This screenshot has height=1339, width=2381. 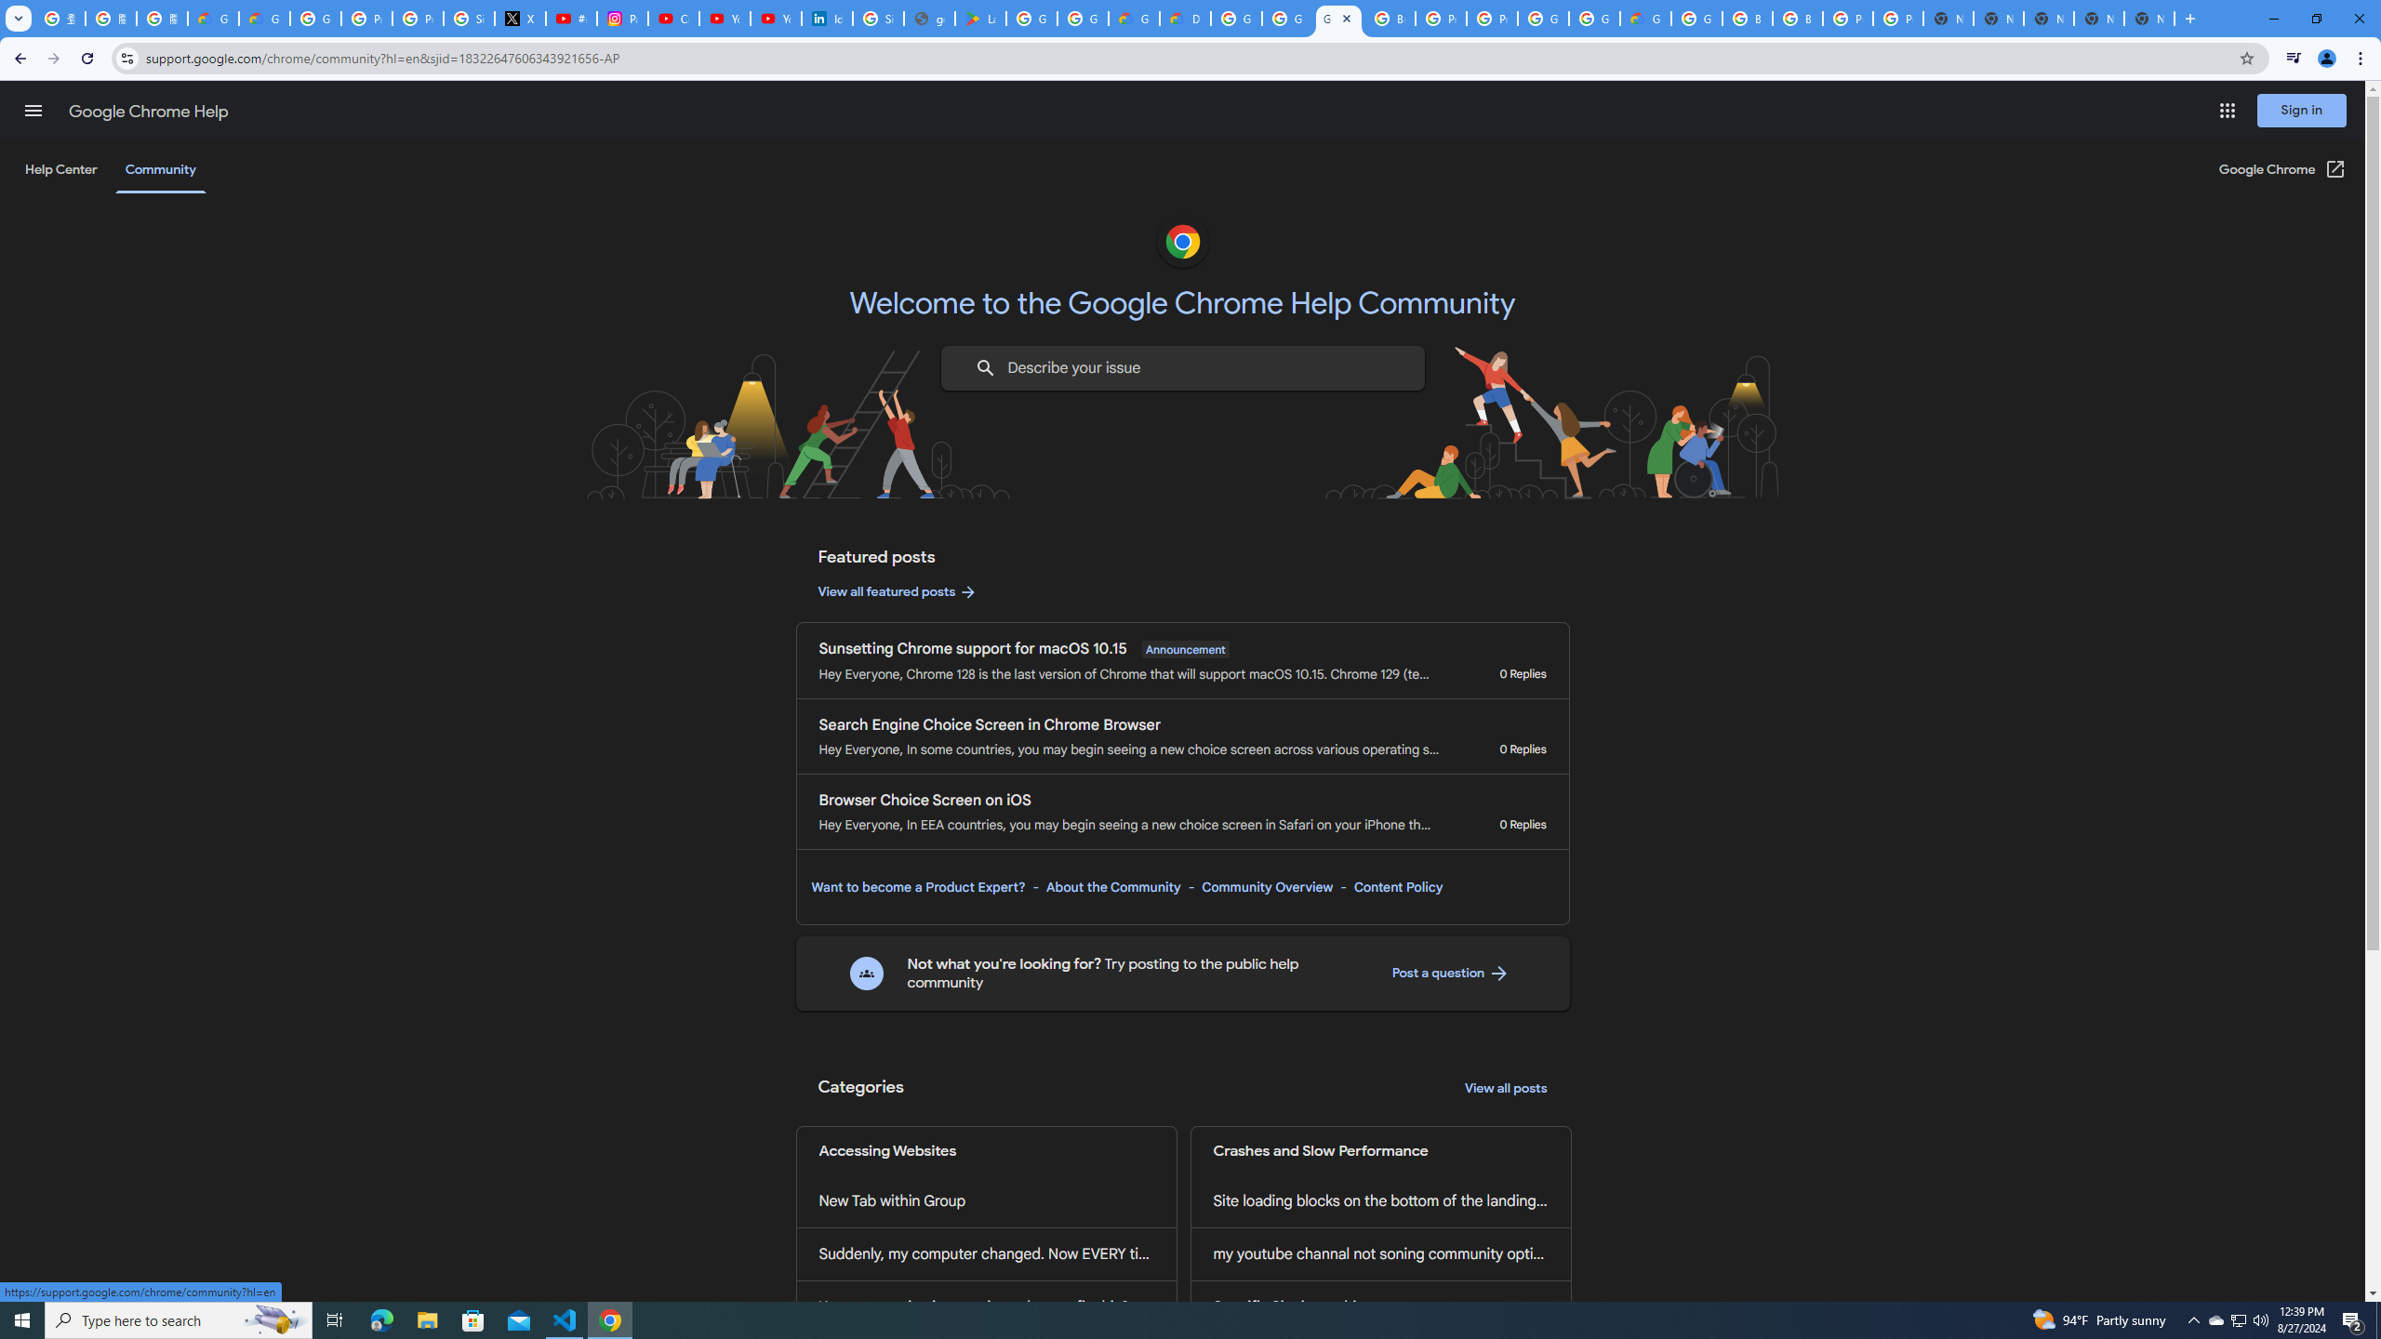 What do you see at coordinates (570, 18) in the screenshot?
I see `'#nbabasketballhighlights - YouTube'` at bounding box center [570, 18].